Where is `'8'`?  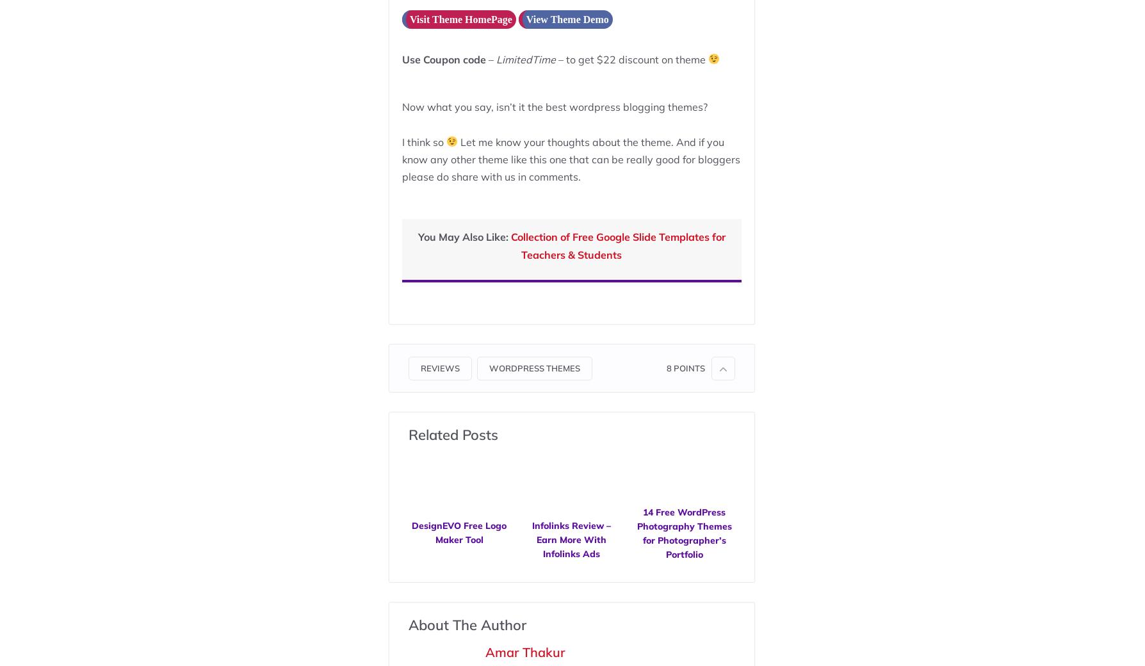 '8' is located at coordinates (666, 366).